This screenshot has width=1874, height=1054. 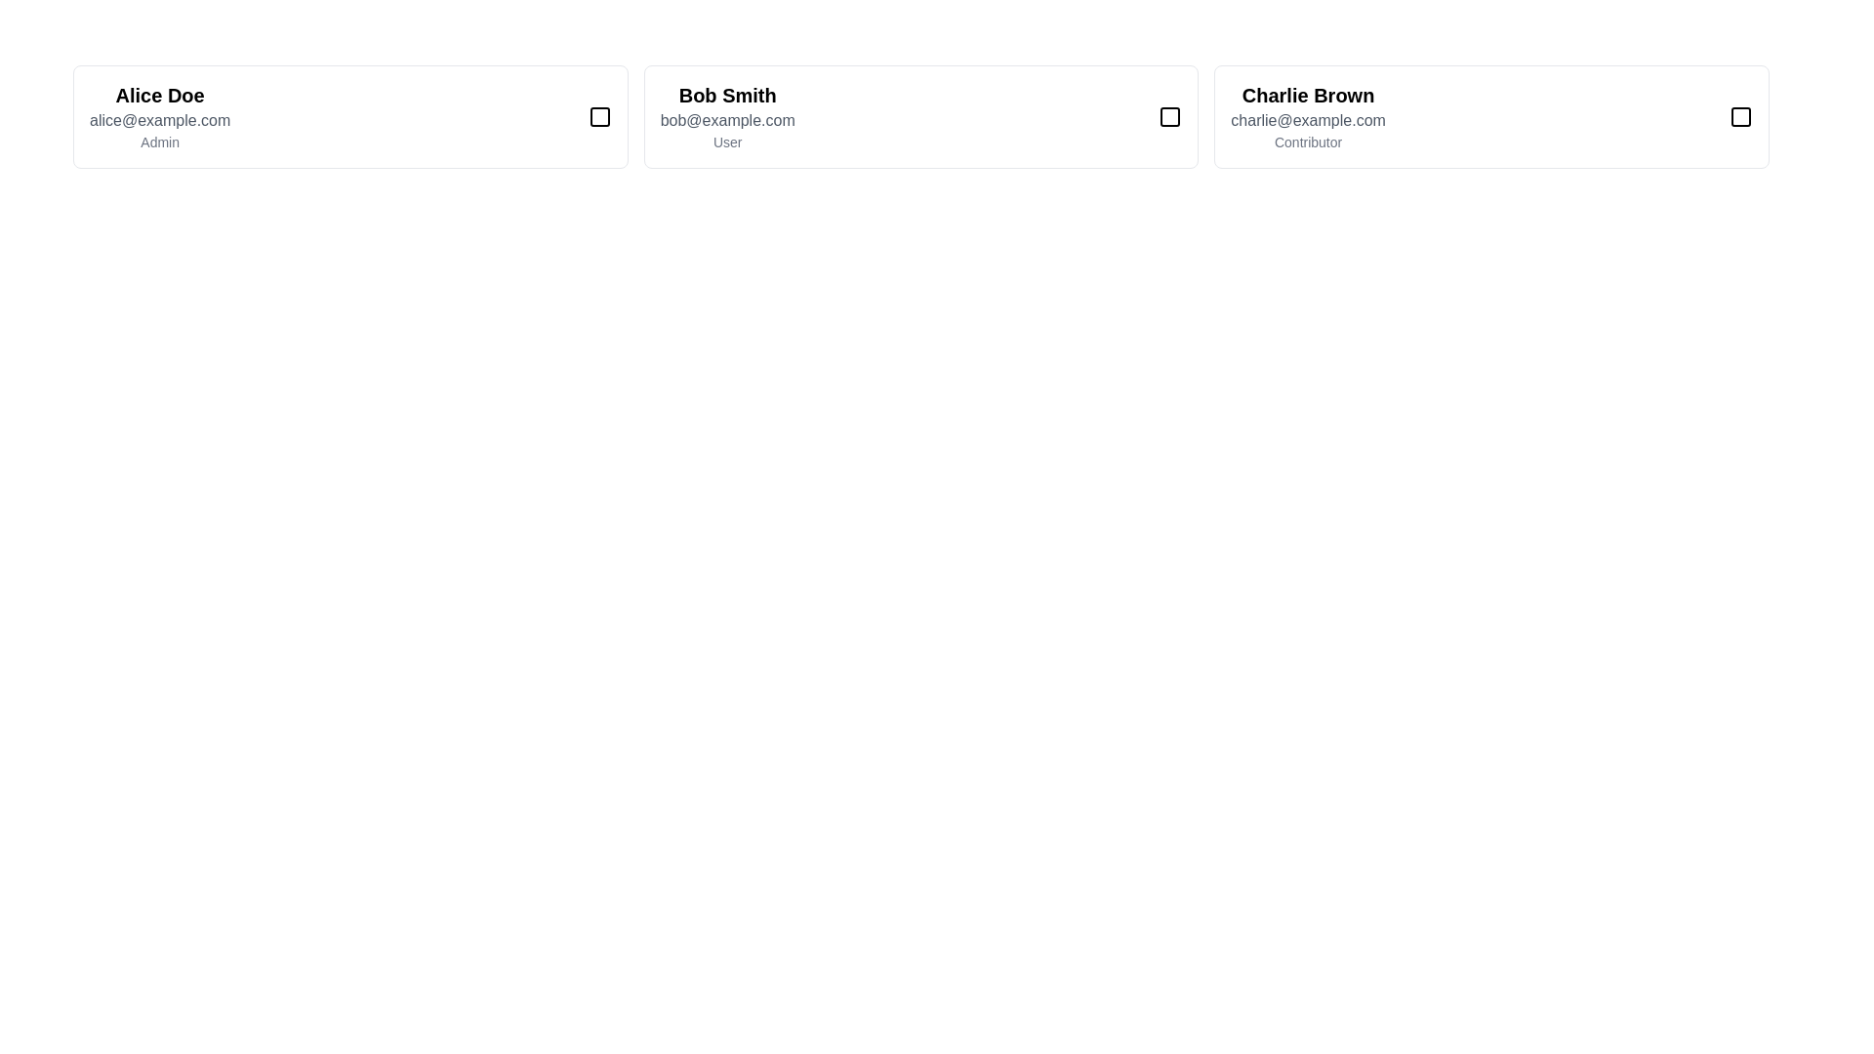 I want to click on the label displaying the text 'User', which is positioned beneath the email address 'bob@example.com' for Bob Smith, located at the bottom of the card, so click(x=726, y=142).